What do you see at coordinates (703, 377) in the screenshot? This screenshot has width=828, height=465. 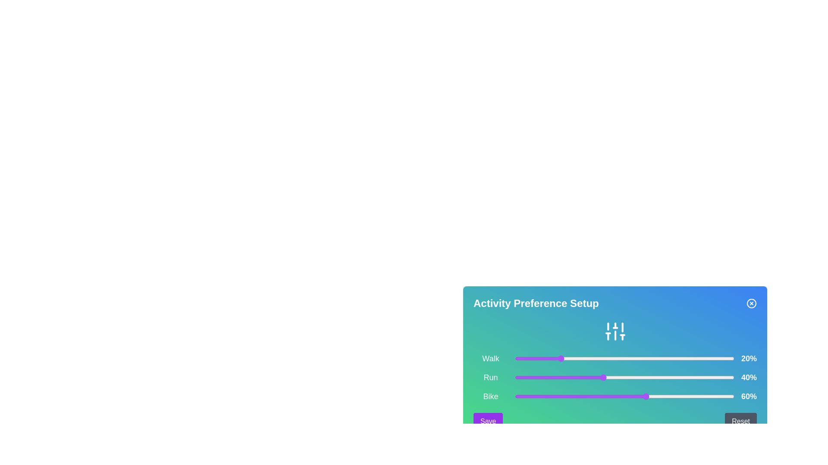 I see `the slider for 1 to 86%` at bounding box center [703, 377].